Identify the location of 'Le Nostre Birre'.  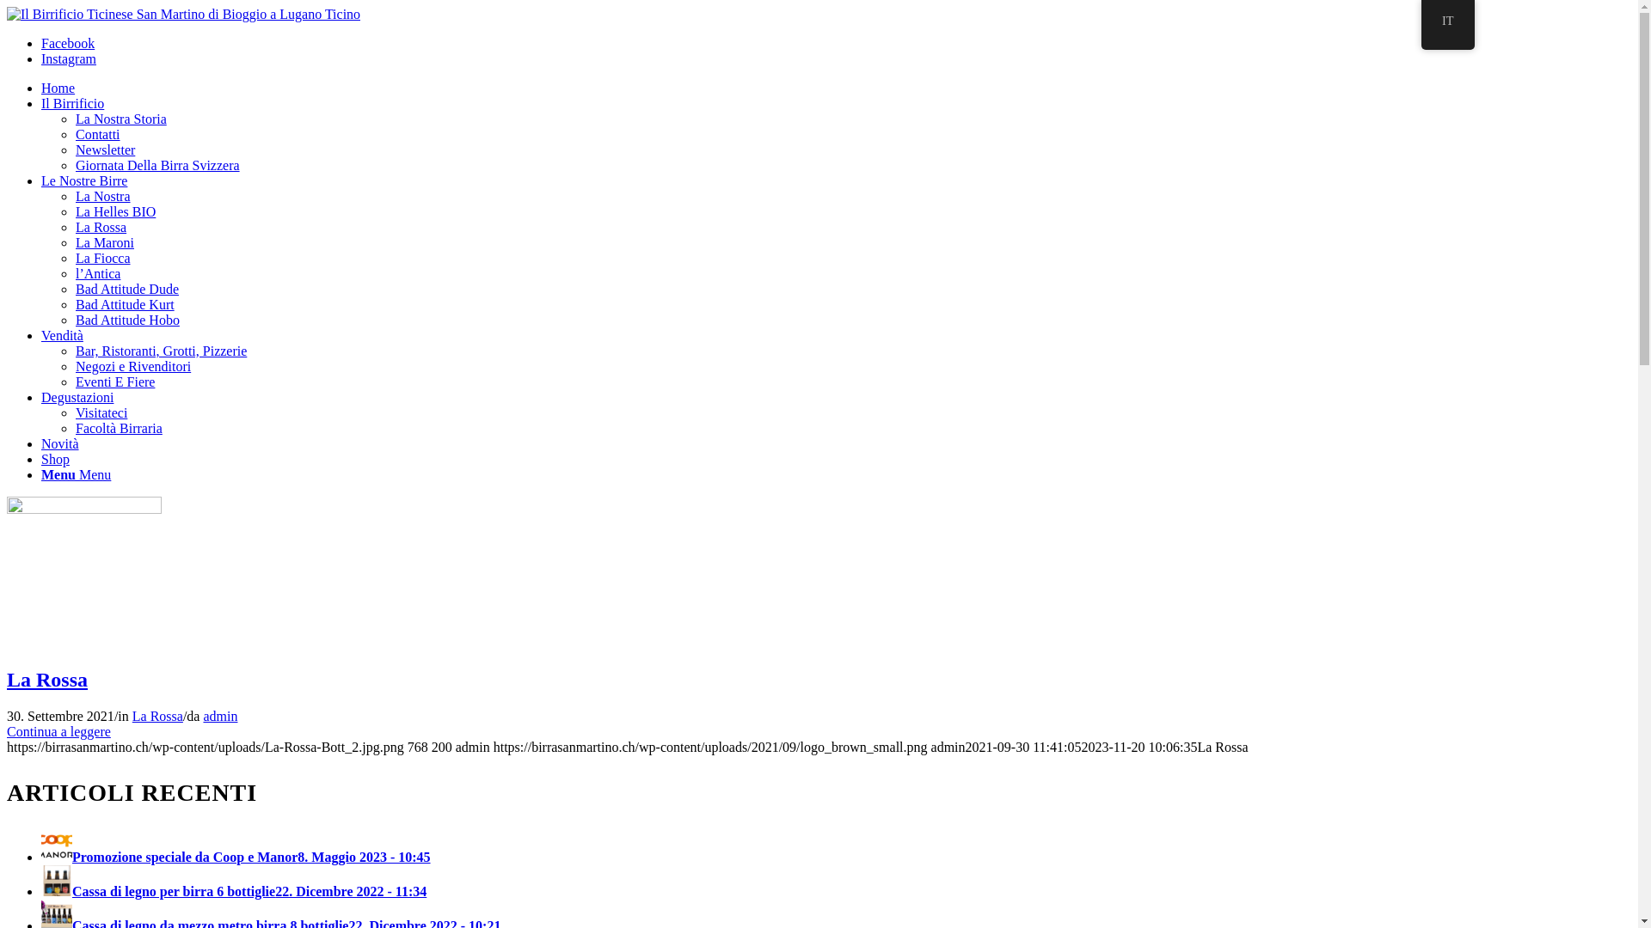
(83, 180).